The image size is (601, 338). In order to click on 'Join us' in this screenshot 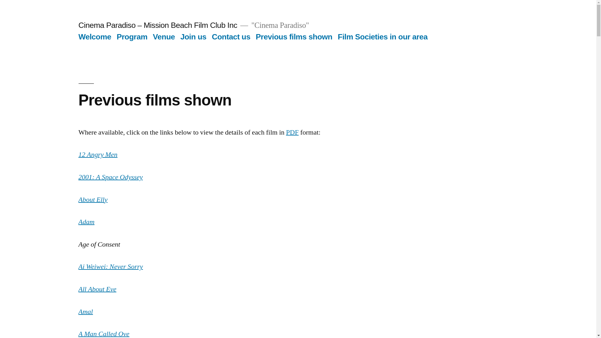, I will do `click(193, 37)`.